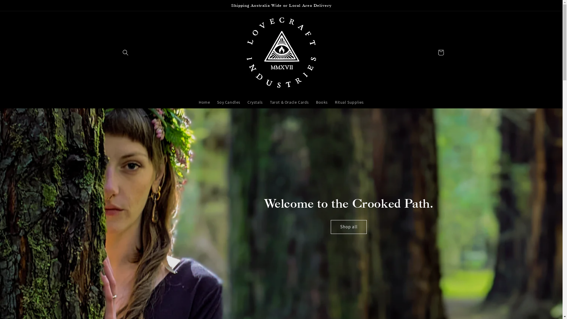 The width and height of the screenshot is (567, 319). Describe the element at coordinates (441, 52) in the screenshot. I see `'Cart'` at that location.